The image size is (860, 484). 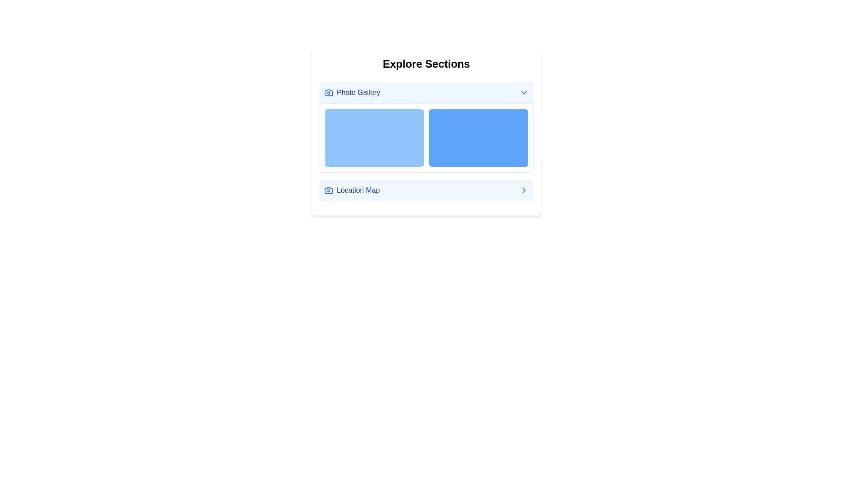 I want to click on the 'Location Map' icon, which signifies the start of the 'Location Map' section and is located adjacent to its text label, so click(x=328, y=93).